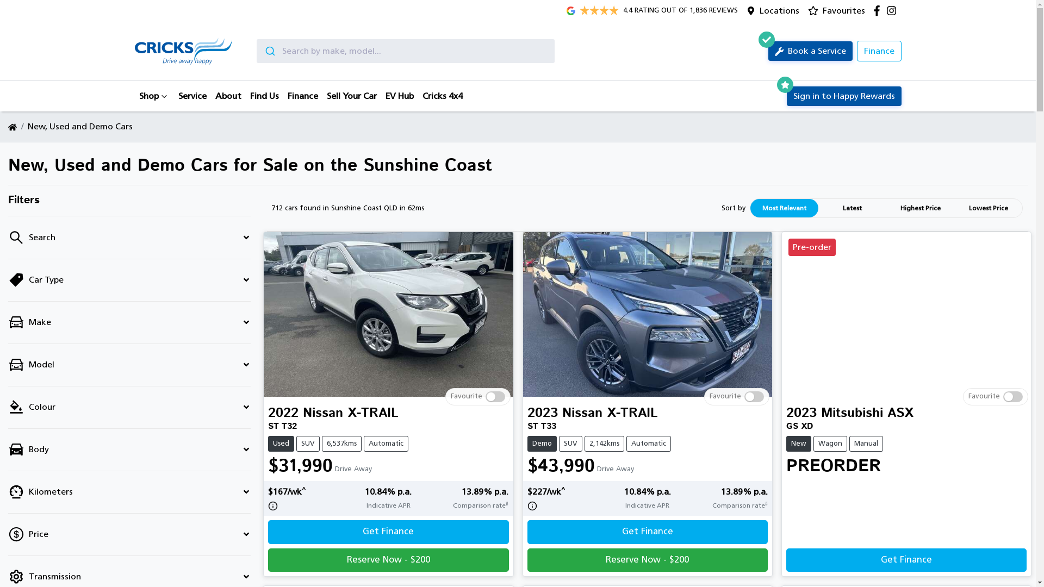 This screenshot has width=1044, height=587. What do you see at coordinates (129, 237) in the screenshot?
I see `'Search'` at bounding box center [129, 237].